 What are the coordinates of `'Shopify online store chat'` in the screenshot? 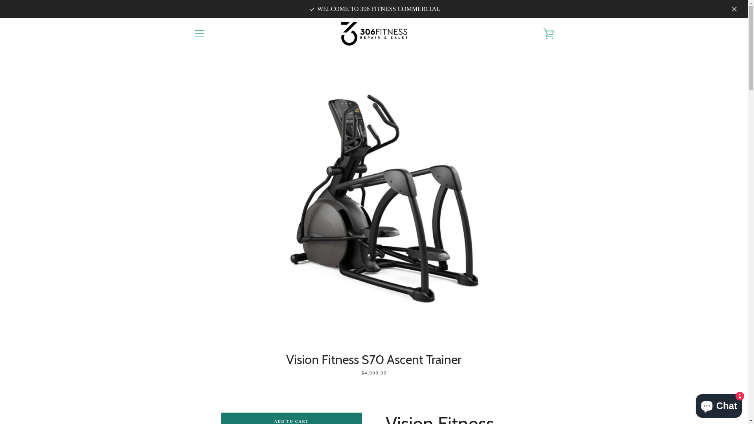 It's located at (719, 404).